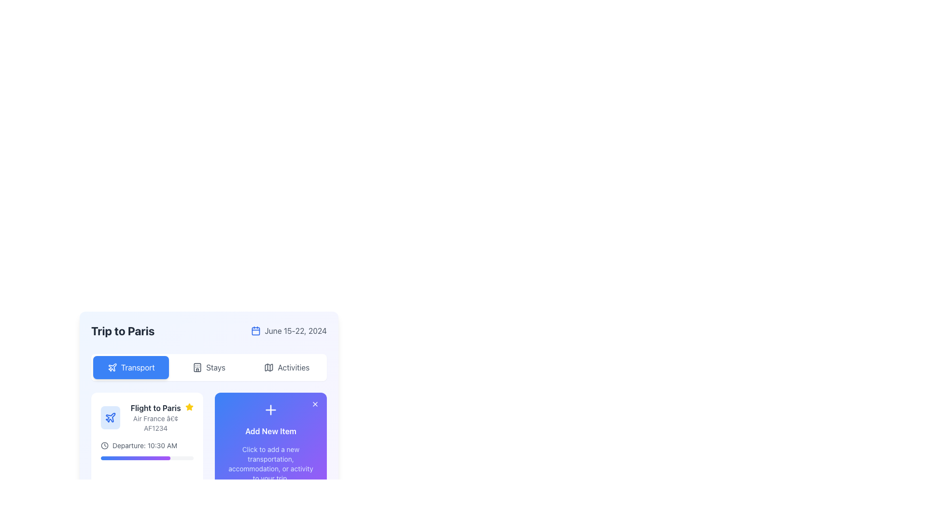  Describe the element at coordinates (270, 410) in the screenshot. I see `the plus symbol icon located at the top of the purple section, directly above the 'Add New Item' text` at that location.